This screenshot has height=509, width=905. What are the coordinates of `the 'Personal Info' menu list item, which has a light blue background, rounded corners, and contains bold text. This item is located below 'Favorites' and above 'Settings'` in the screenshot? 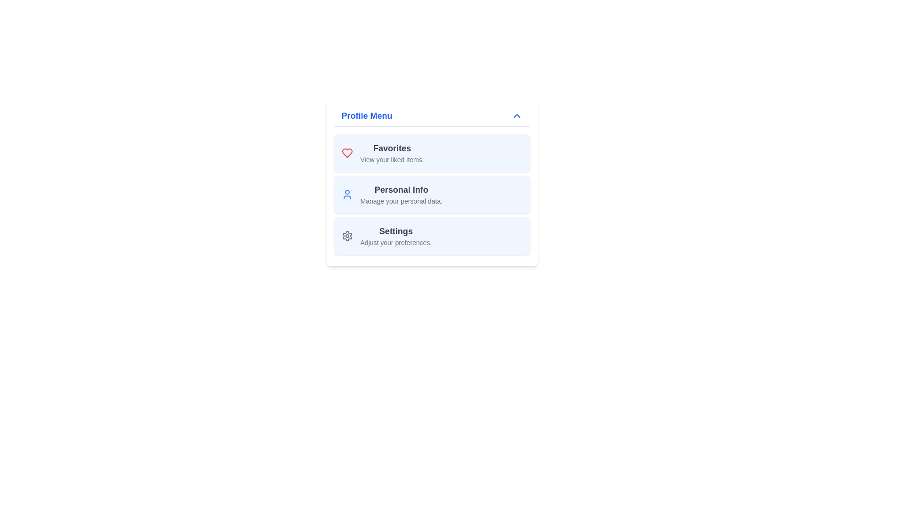 It's located at (431, 194).